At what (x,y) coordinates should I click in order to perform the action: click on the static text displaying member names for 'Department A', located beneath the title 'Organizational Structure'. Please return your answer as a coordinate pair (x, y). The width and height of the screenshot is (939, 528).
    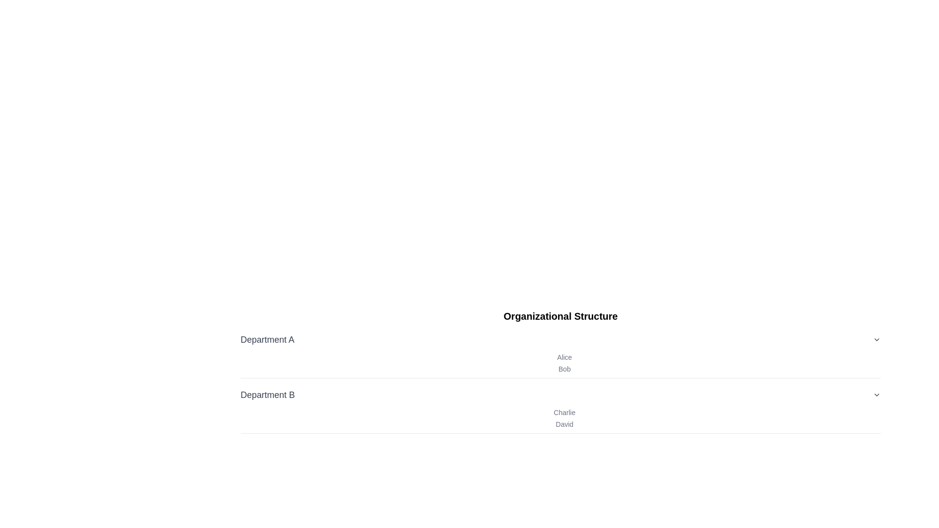
    Looking at the image, I should click on (564, 363).